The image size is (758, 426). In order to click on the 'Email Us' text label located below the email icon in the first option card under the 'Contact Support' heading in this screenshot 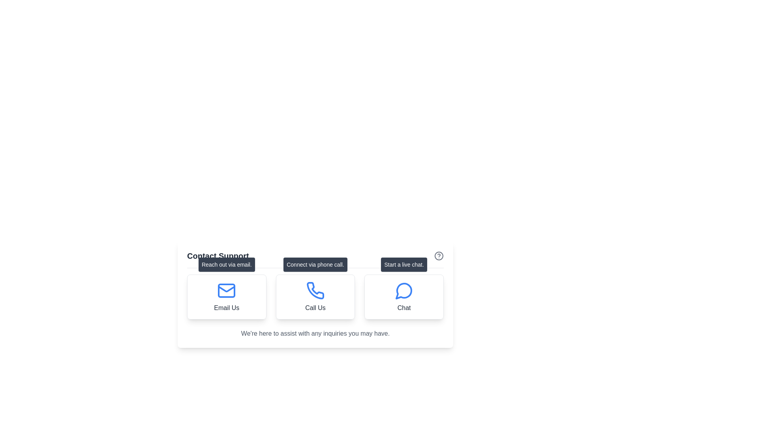, I will do `click(226, 307)`.